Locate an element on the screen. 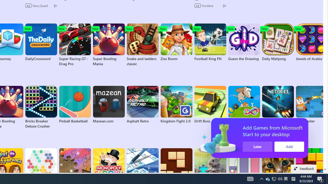  'Jewels of Arabia' is located at coordinates (311, 42).